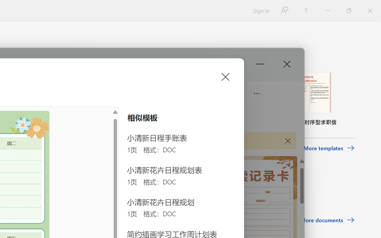 Image resolution: width=381 pixels, height=238 pixels. Describe the element at coordinates (261, 10) in the screenshot. I see `'Sign in'` at that location.